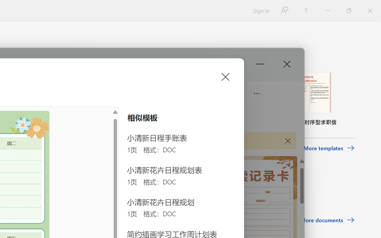 Image resolution: width=381 pixels, height=238 pixels. Describe the element at coordinates (261, 10) in the screenshot. I see `'Sign in'` at that location.